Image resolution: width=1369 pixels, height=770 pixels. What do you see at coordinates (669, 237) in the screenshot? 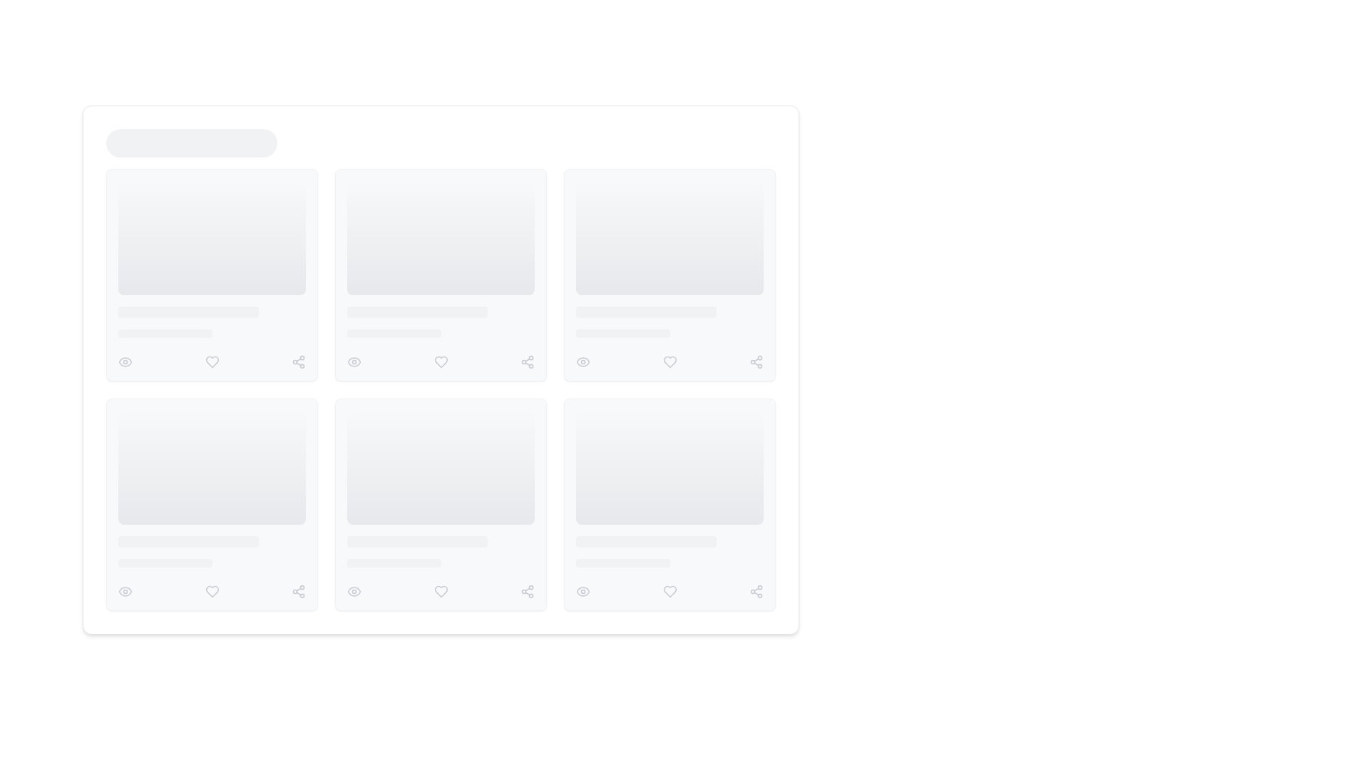
I see `the visual placeholder element located in the upper region of the card component, which serves as a placeholder for an image and is centrally placed in the second column of a multi-column grid` at bounding box center [669, 237].